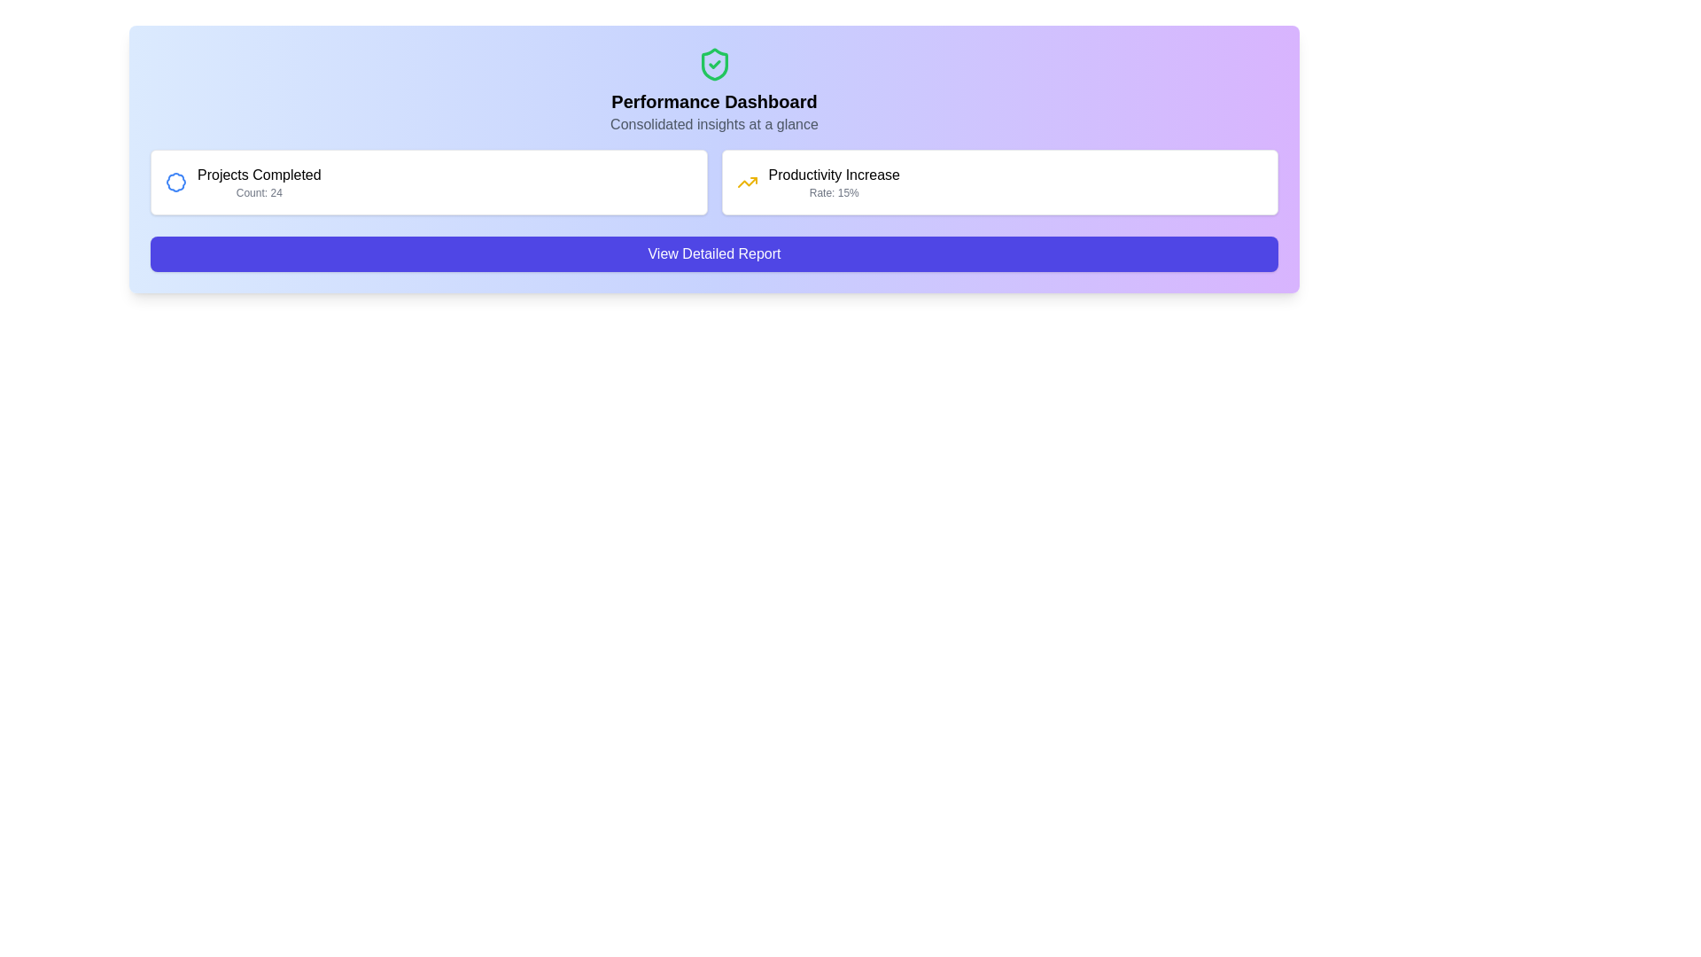 Image resolution: width=1701 pixels, height=957 pixels. Describe the element at coordinates (833, 175) in the screenshot. I see `text label displaying 'Productivity Increase' located on the right-hand section of the dashboard, above the text 'Rate: 15%'` at that location.